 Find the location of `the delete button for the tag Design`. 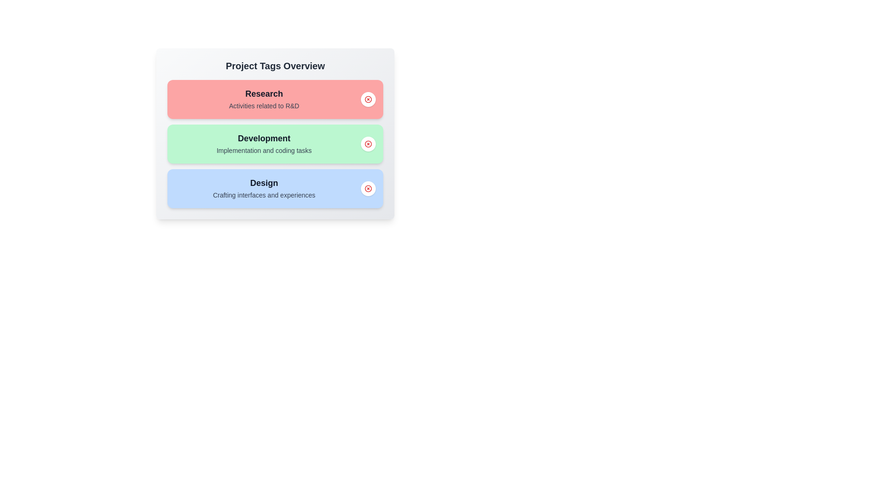

the delete button for the tag Design is located at coordinates (368, 188).